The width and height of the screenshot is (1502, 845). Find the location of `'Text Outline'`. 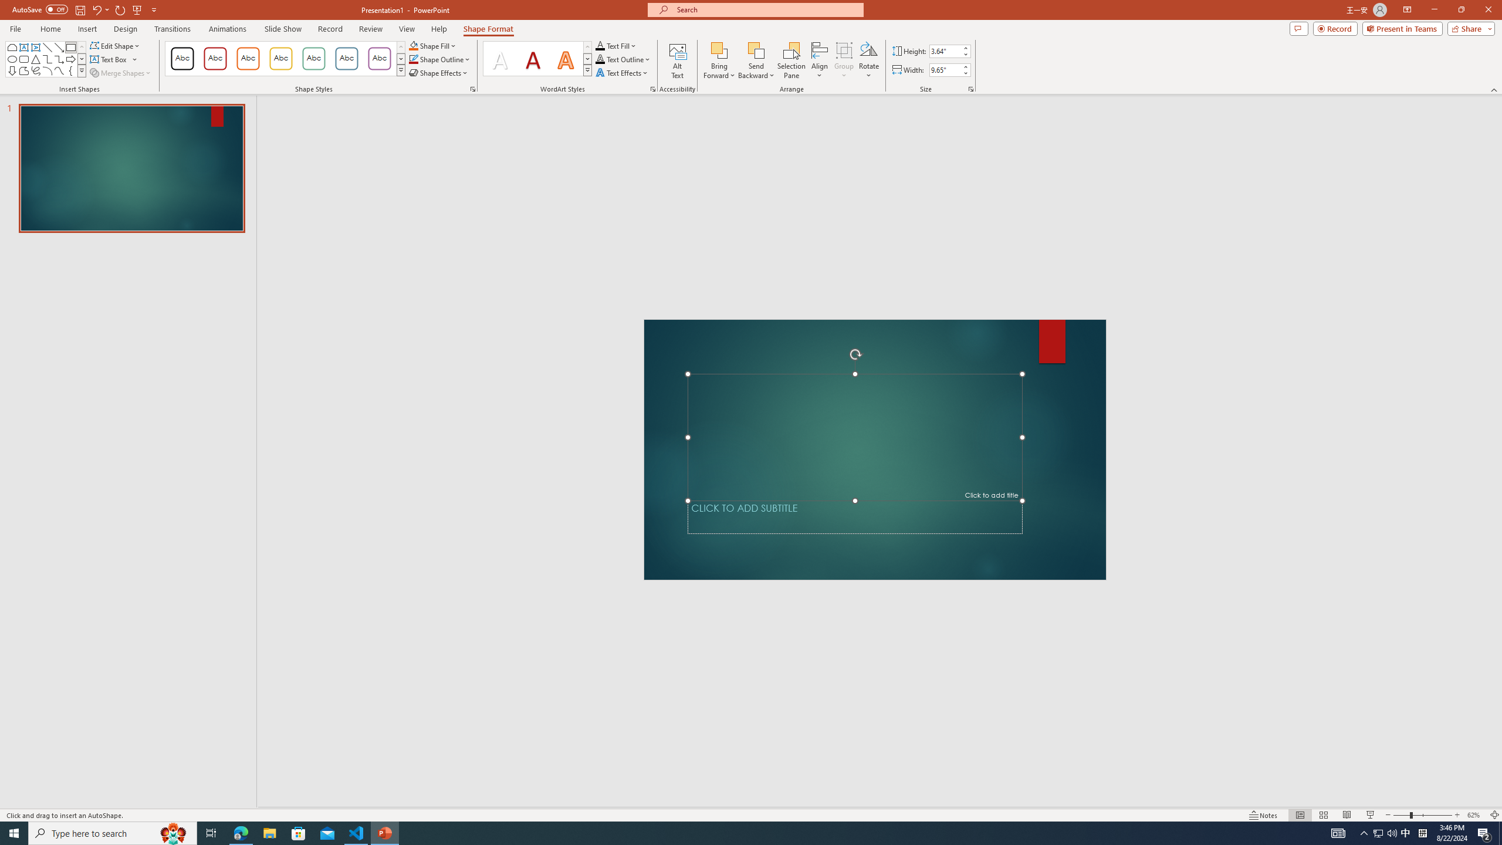

'Text Outline' is located at coordinates (623, 58).